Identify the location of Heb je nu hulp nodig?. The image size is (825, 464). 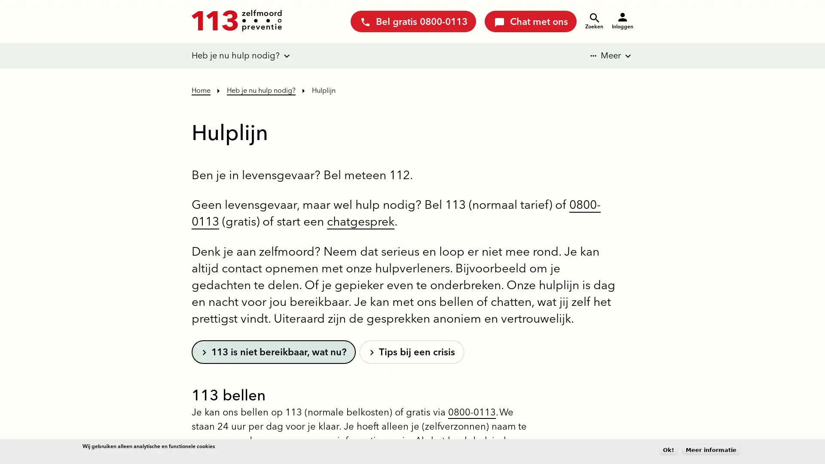
(235, 56).